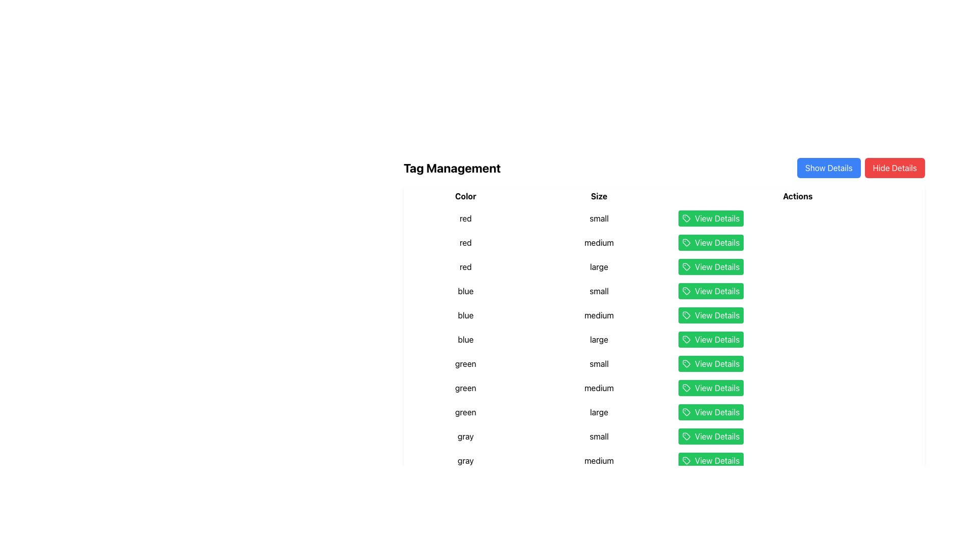 This screenshot has height=545, width=970. What do you see at coordinates (599, 266) in the screenshot?
I see `the text label styled in black that contains the text 'large' in the 'Size' column of the table under the 'red' row` at bounding box center [599, 266].